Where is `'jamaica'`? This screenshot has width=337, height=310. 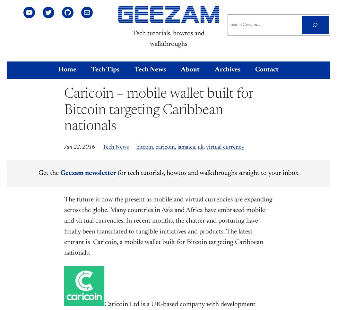 'jamaica' is located at coordinates (186, 147).